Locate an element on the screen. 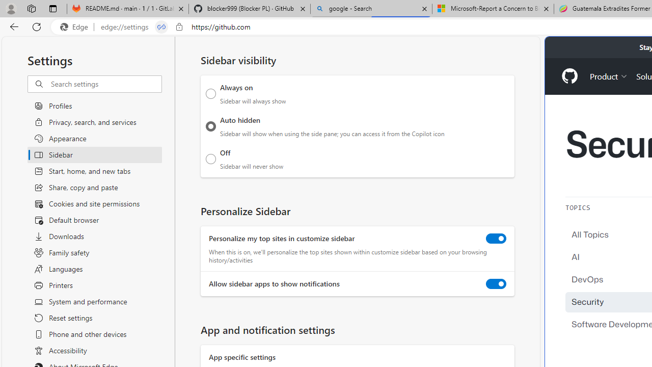 The width and height of the screenshot is (652, 367). 'Search settings' is located at coordinates (106, 84).